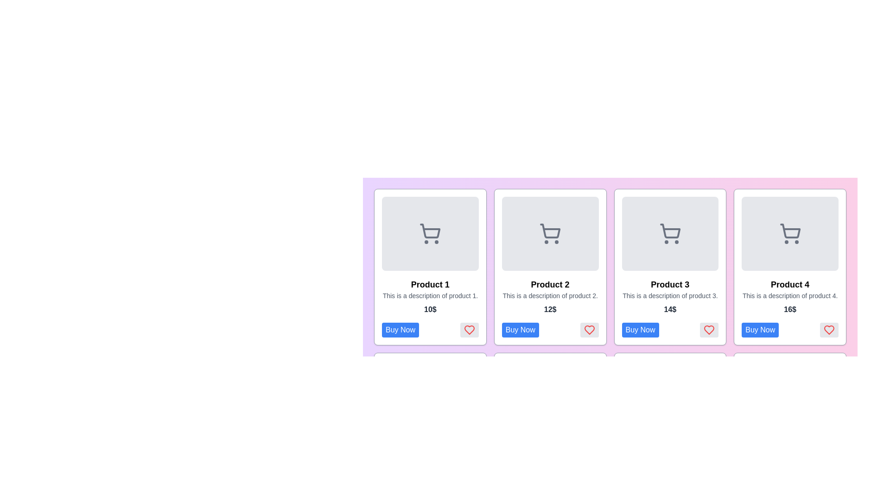 The width and height of the screenshot is (890, 500). Describe the element at coordinates (430, 284) in the screenshot. I see `text label 'Product 1' which is bold and larger-sized, displayed in black at the top-middle of the product card` at that location.